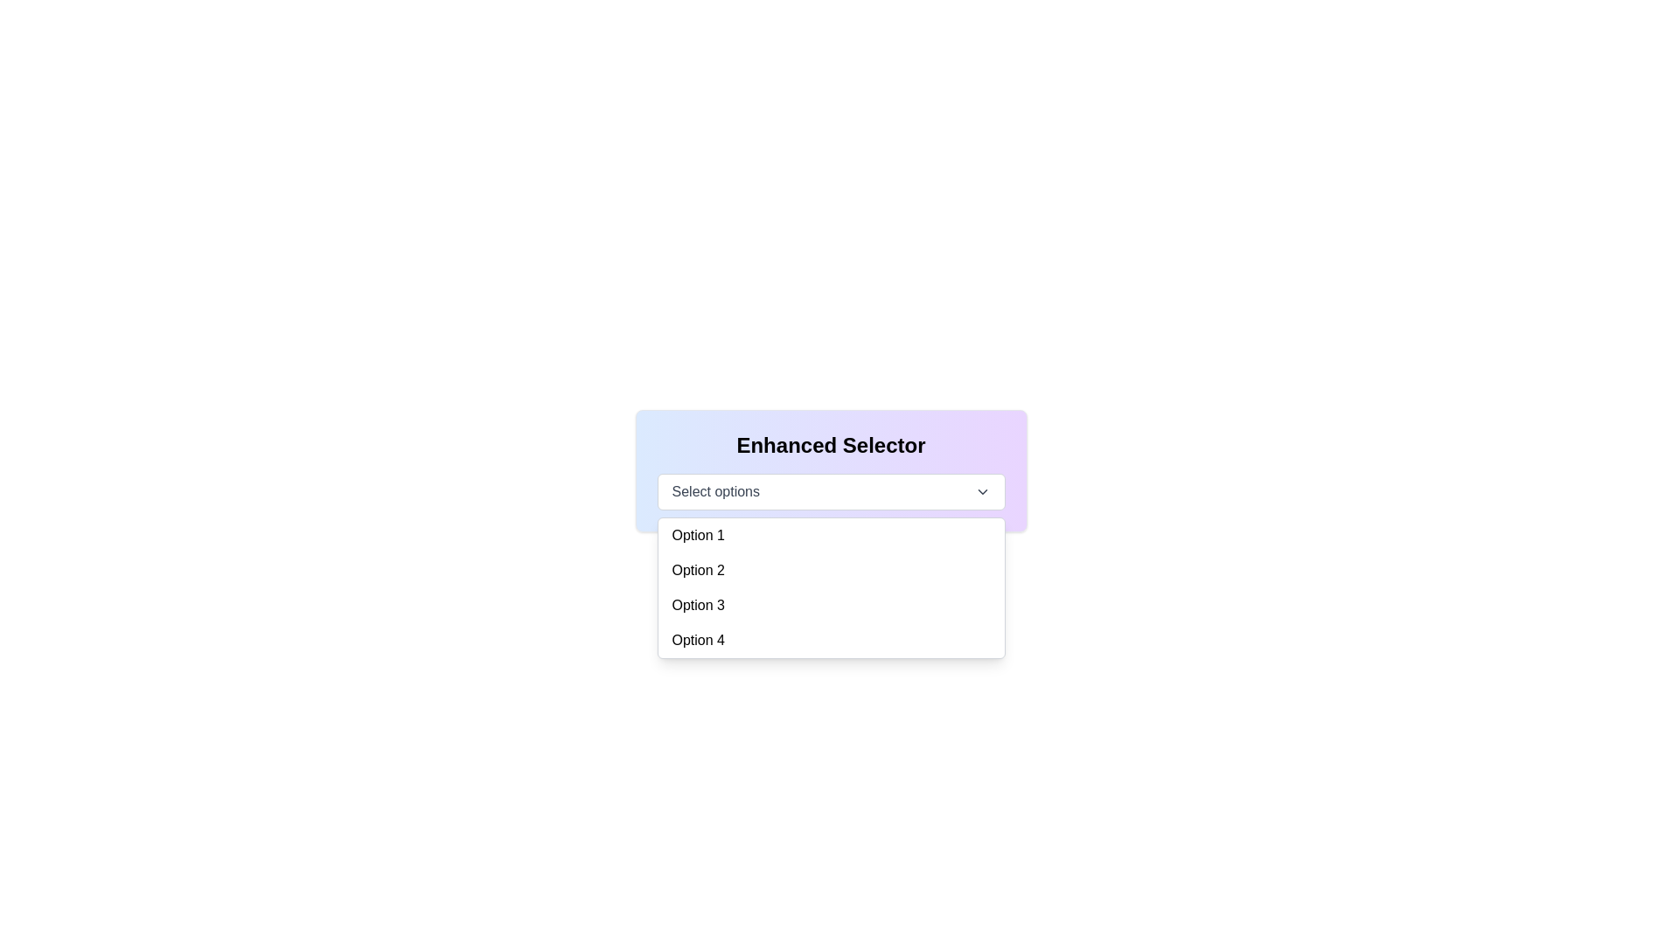 The height and width of the screenshot is (944, 1679). I want to click on an option from the Dropdown menu located below the 'Enhanced Selector' heading by clicking on it, so click(830, 492).